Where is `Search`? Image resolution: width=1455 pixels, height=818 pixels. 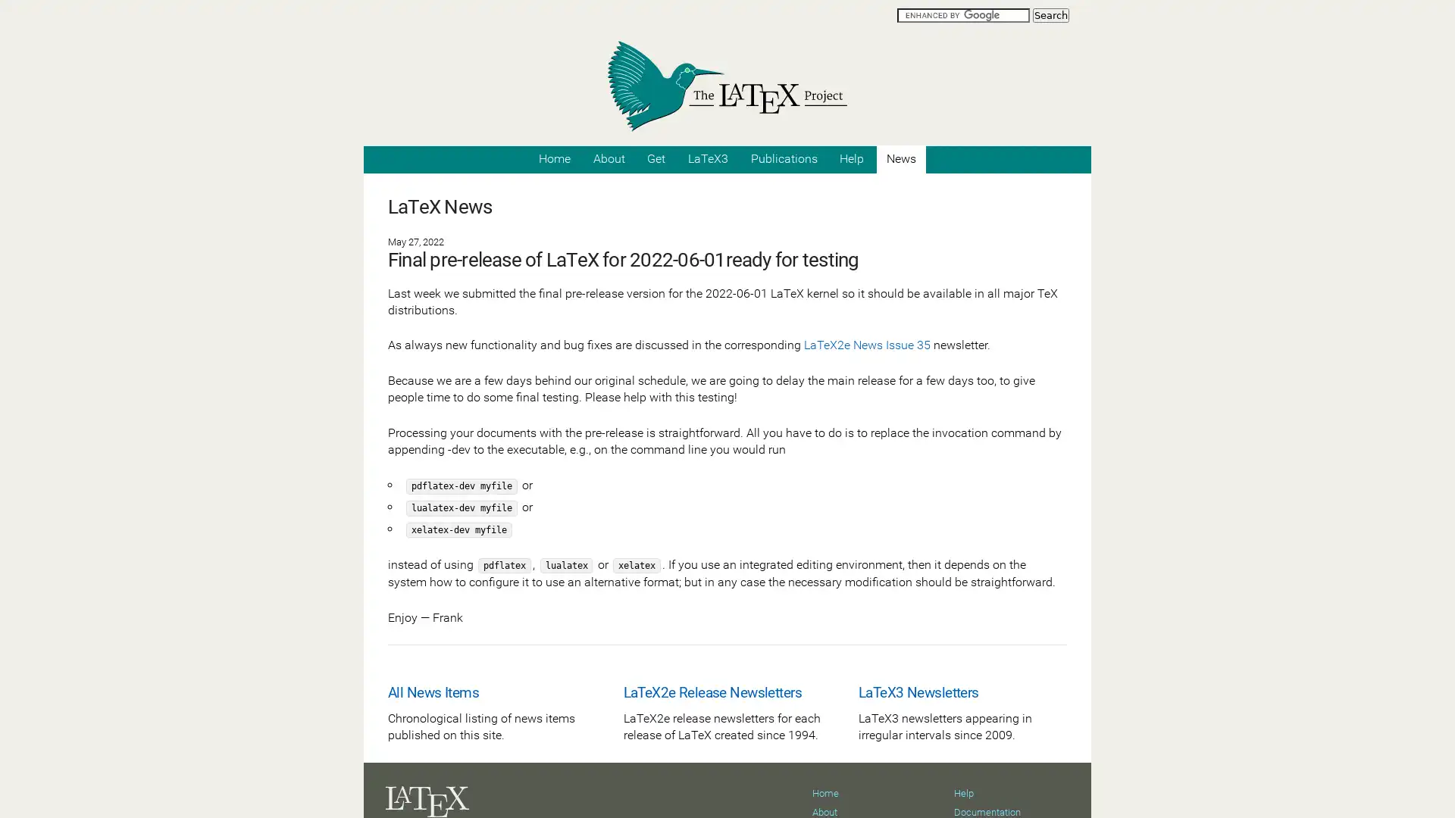
Search is located at coordinates (1050, 15).